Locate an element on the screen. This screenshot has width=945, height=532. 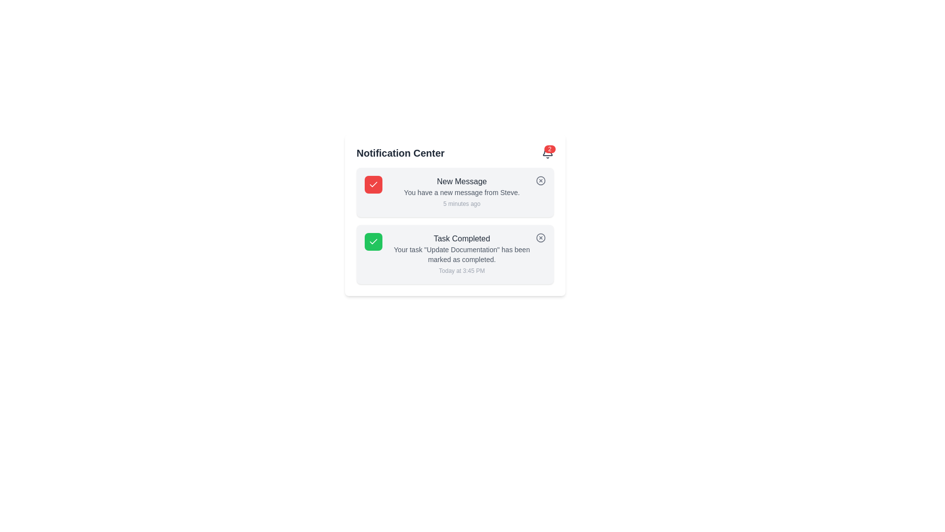
the circular button with a cross icon located in the top-right corner of the 'New Message' notification card is located at coordinates (540, 180).